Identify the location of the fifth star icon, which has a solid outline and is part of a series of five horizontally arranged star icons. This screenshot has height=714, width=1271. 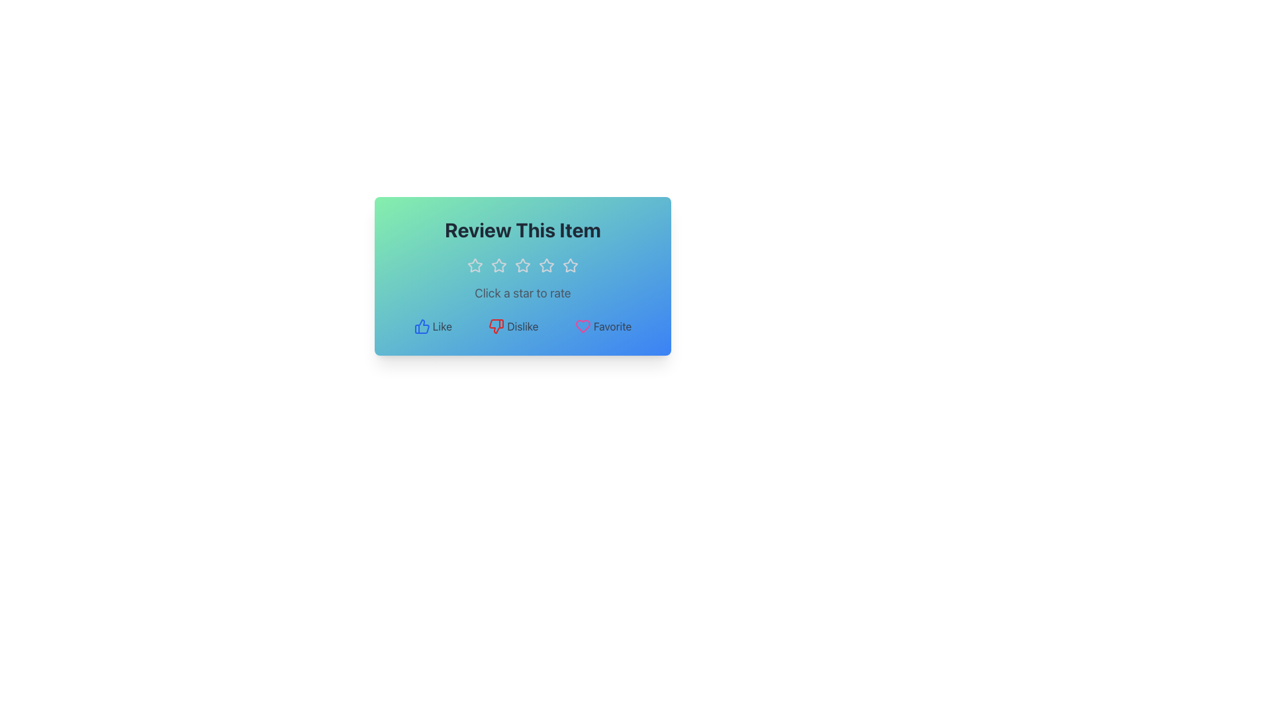
(571, 265).